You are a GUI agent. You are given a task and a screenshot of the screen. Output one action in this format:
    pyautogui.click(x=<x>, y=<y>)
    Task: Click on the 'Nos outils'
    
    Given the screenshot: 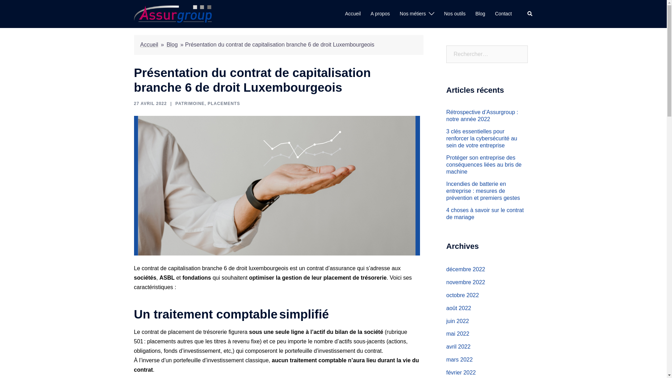 What is the action you would take?
    pyautogui.click(x=455, y=14)
    